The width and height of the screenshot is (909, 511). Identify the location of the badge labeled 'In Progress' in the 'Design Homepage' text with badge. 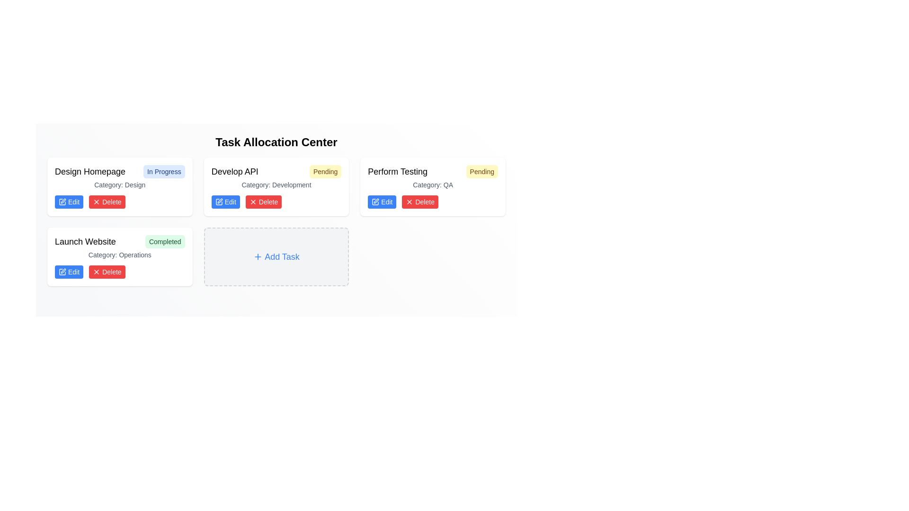
(119, 171).